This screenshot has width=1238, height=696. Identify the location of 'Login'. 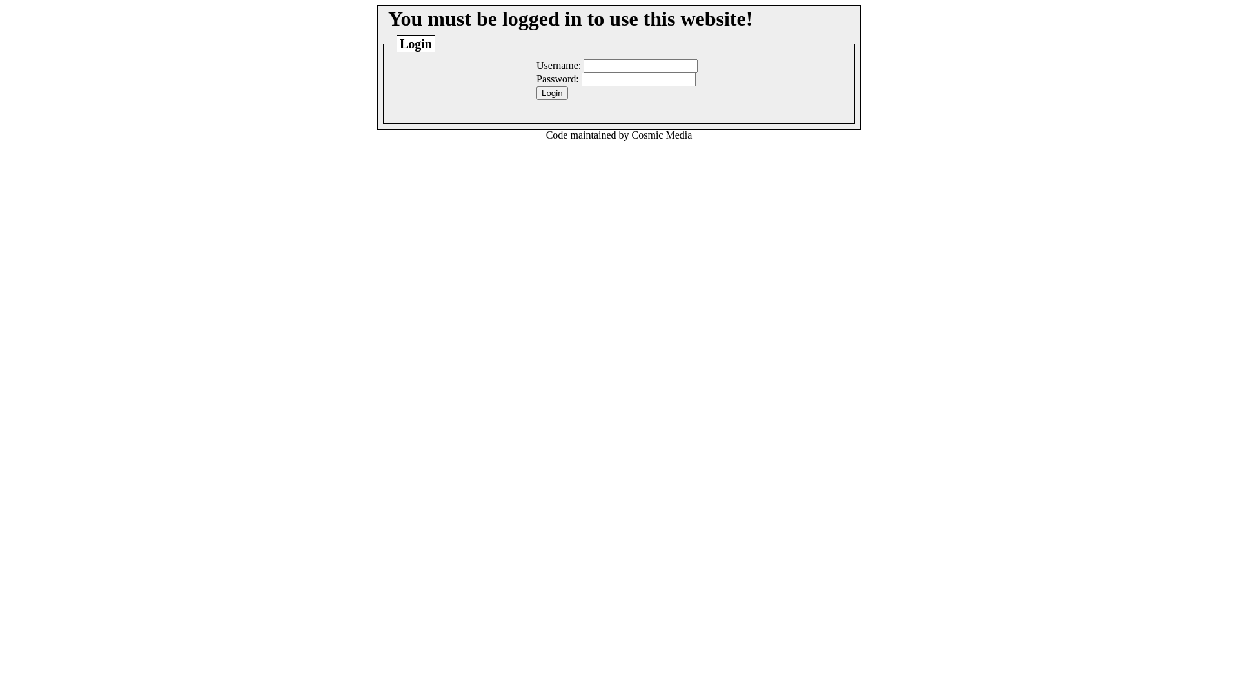
(552, 92).